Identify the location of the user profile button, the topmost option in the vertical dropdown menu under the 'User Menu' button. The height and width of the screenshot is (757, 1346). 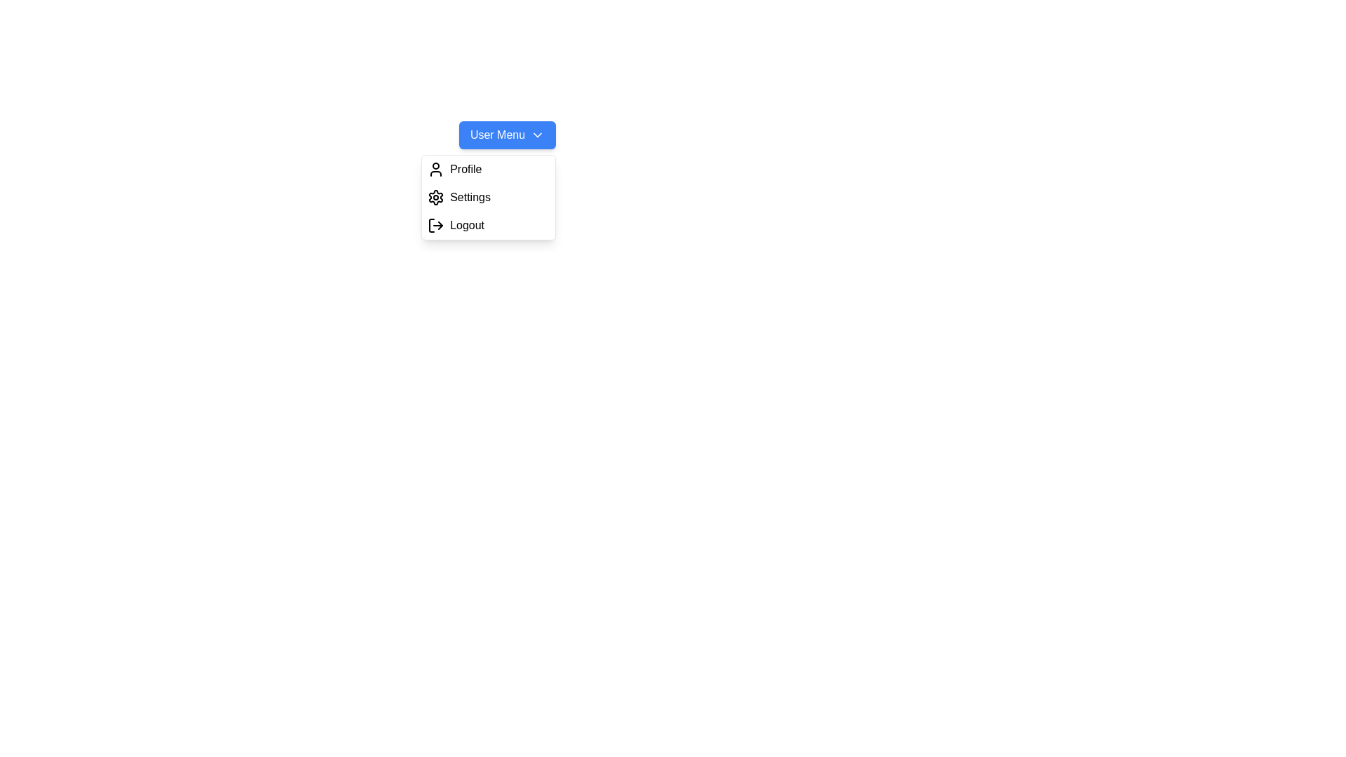
(489, 169).